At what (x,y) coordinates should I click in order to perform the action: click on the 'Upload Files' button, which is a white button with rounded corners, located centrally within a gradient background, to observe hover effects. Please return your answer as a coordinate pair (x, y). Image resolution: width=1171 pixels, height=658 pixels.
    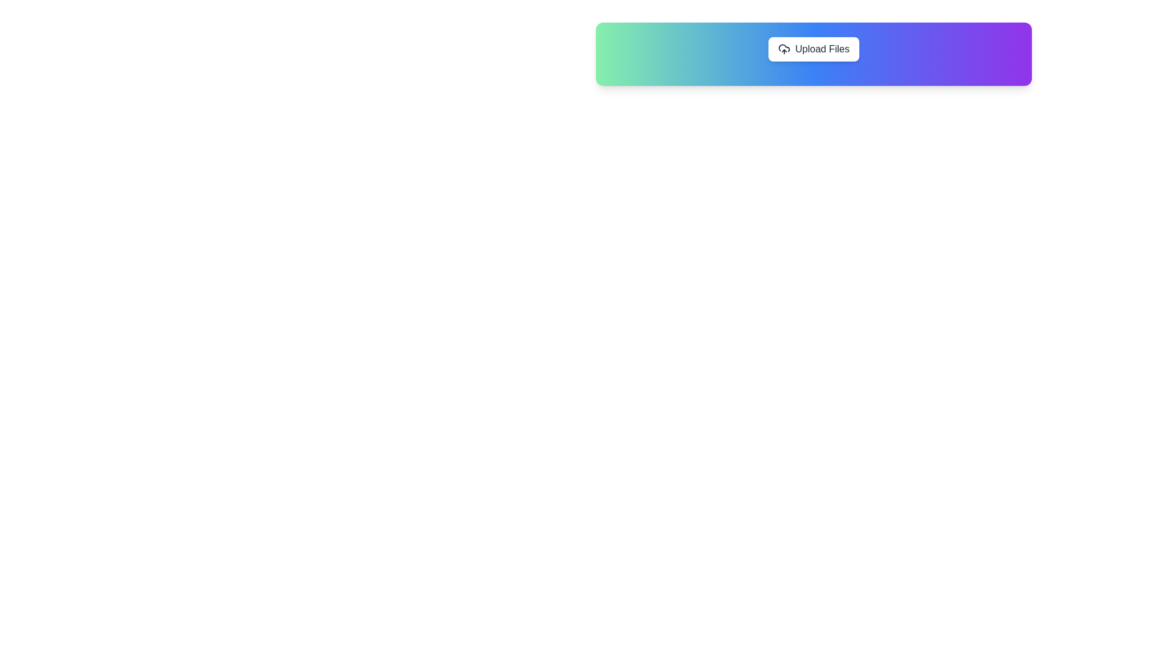
    Looking at the image, I should click on (814, 49).